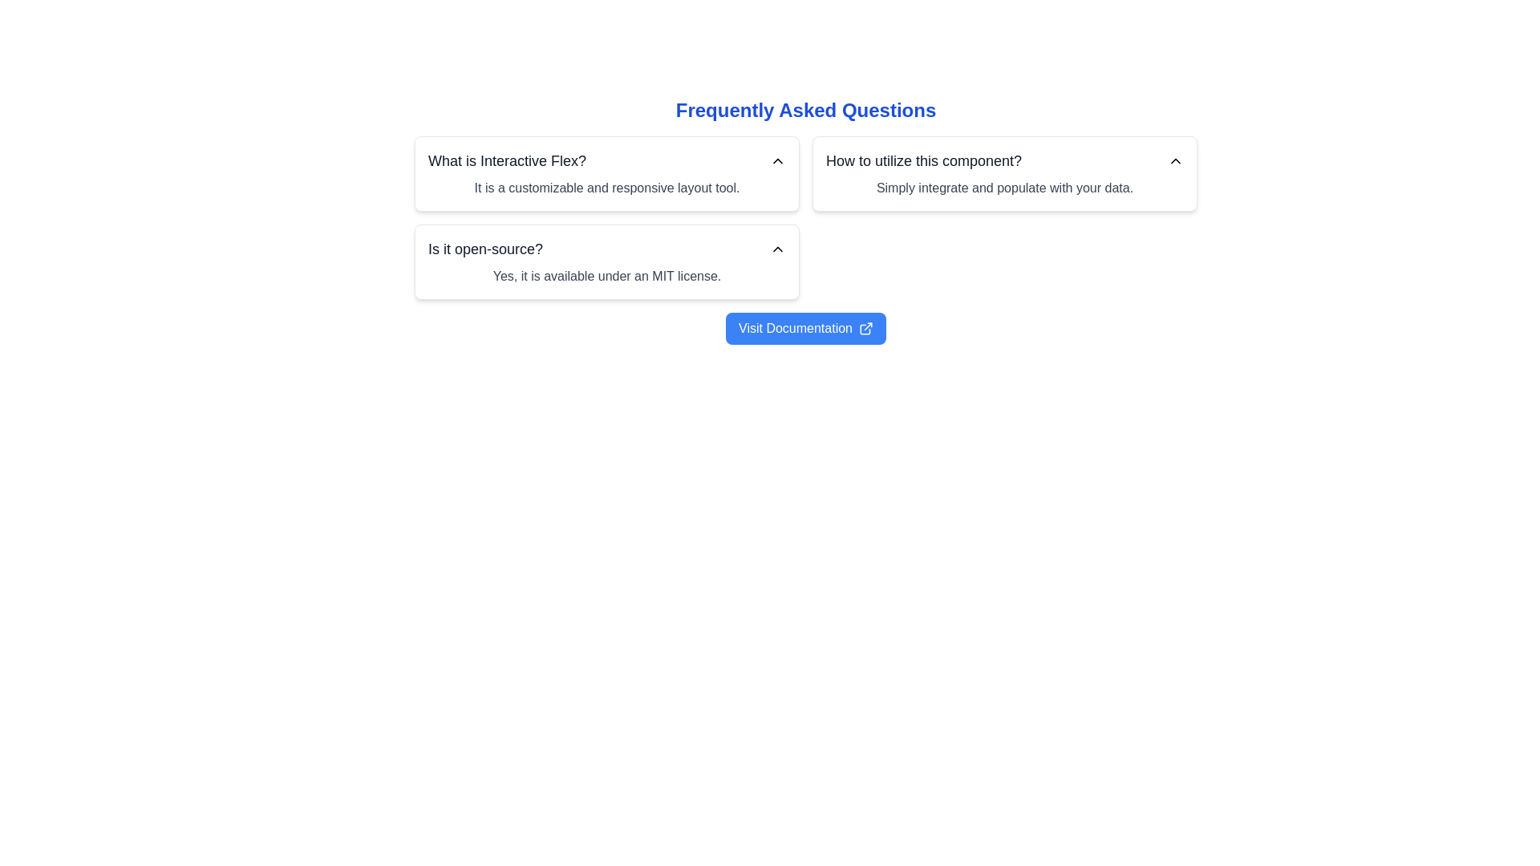 The height and width of the screenshot is (866, 1540). What do you see at coordinates (865, 327) in the screenshot?
I see `the design of the external link icon located adjacent to the 'Visit Documentation' text within the button component` at bounding box center [865, 327].